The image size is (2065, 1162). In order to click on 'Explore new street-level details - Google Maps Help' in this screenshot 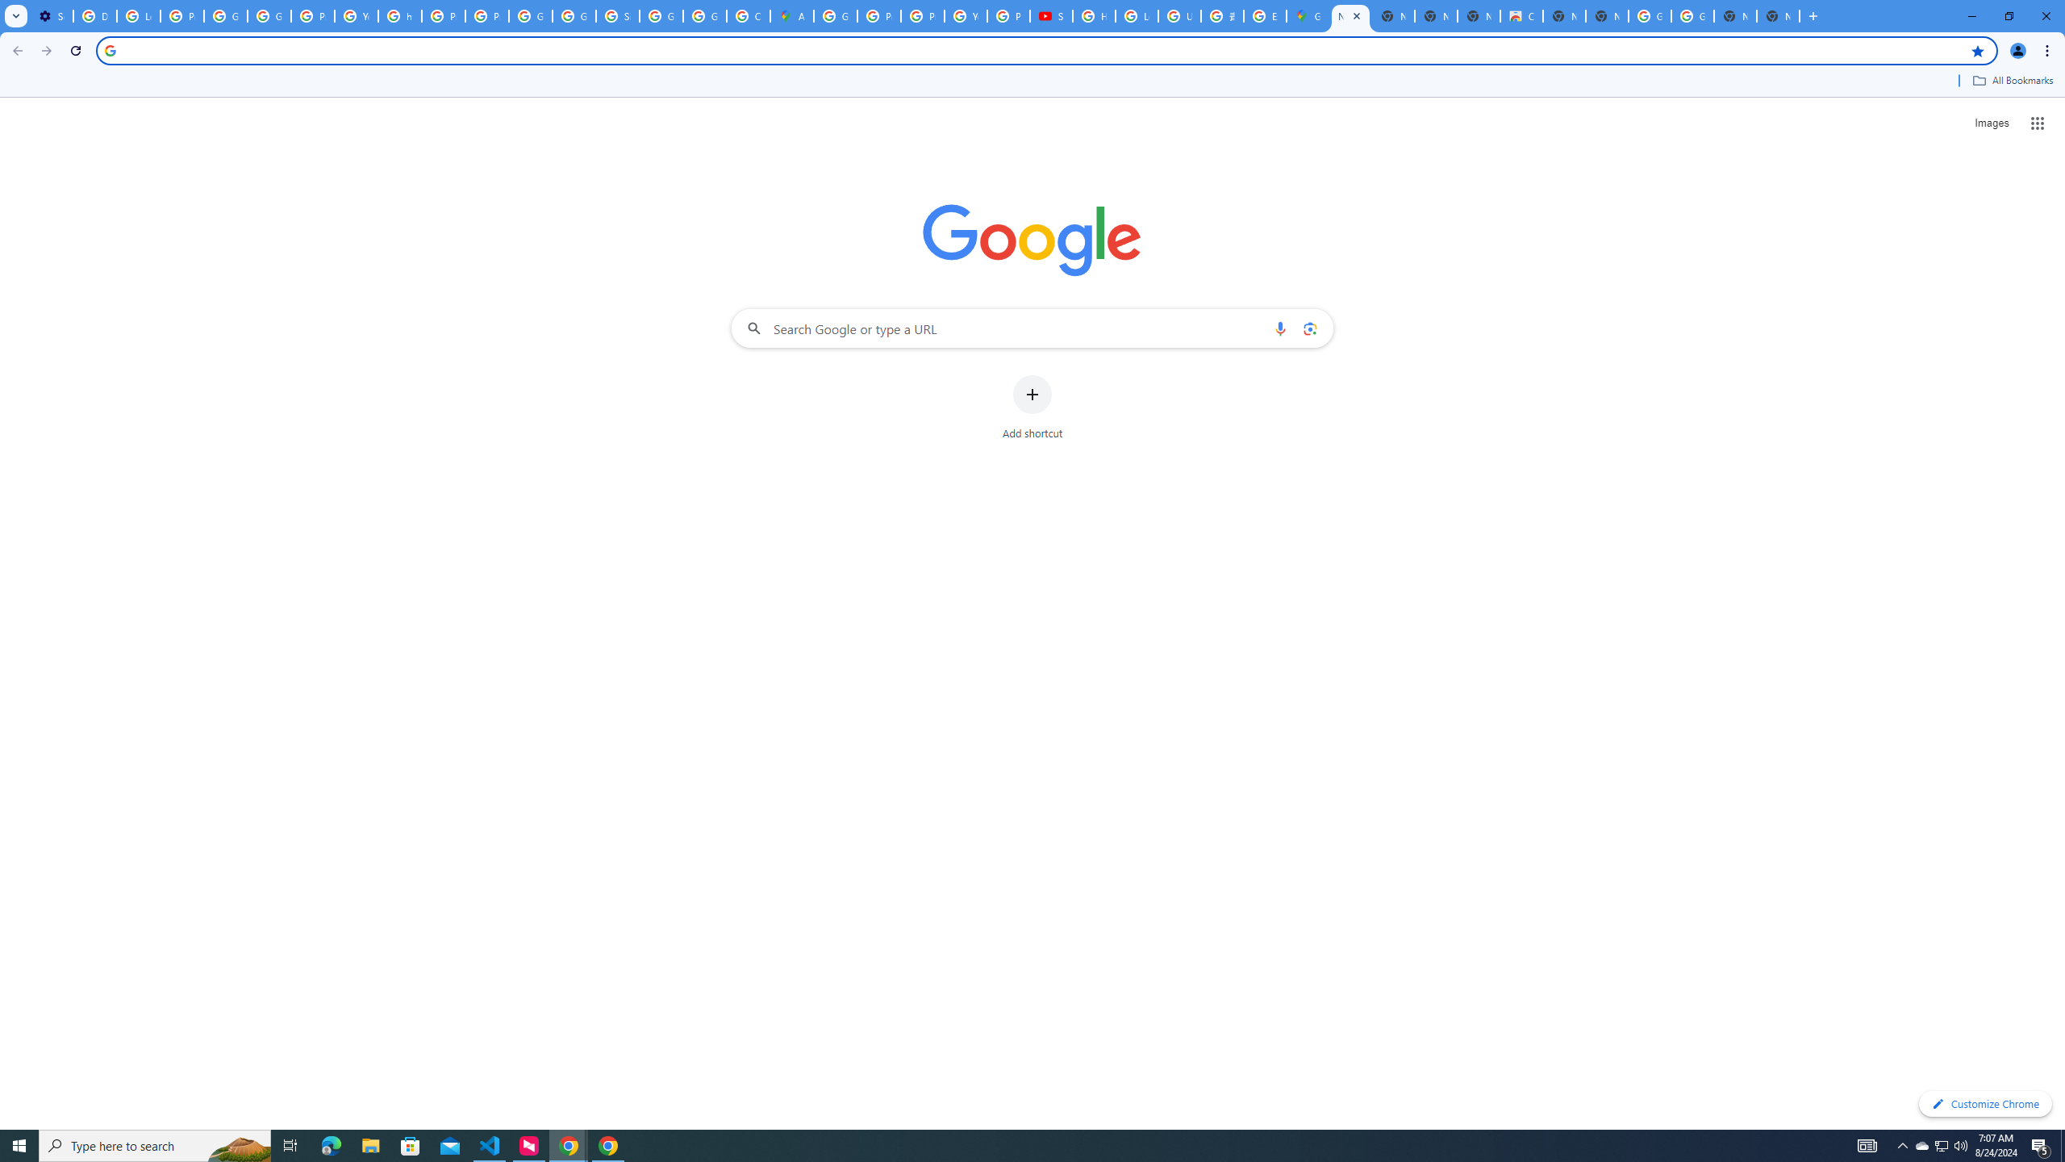, I will do `click(1266, 15)`.